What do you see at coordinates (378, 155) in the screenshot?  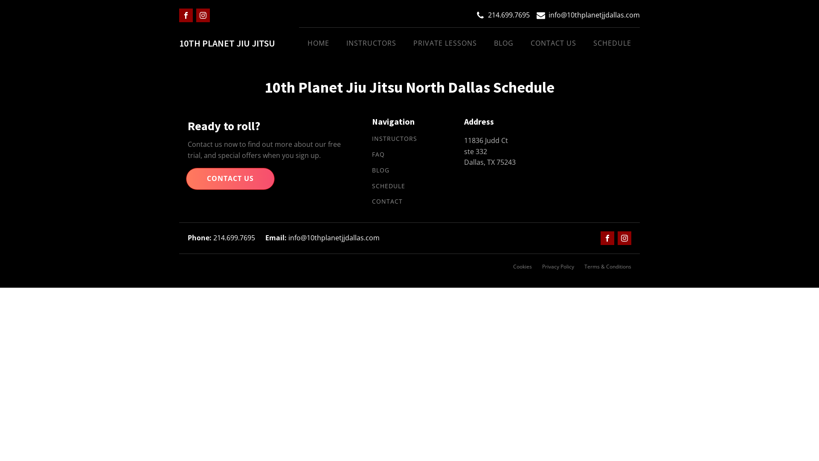 I see `'FAQ'` at bounding box center [378, 155].